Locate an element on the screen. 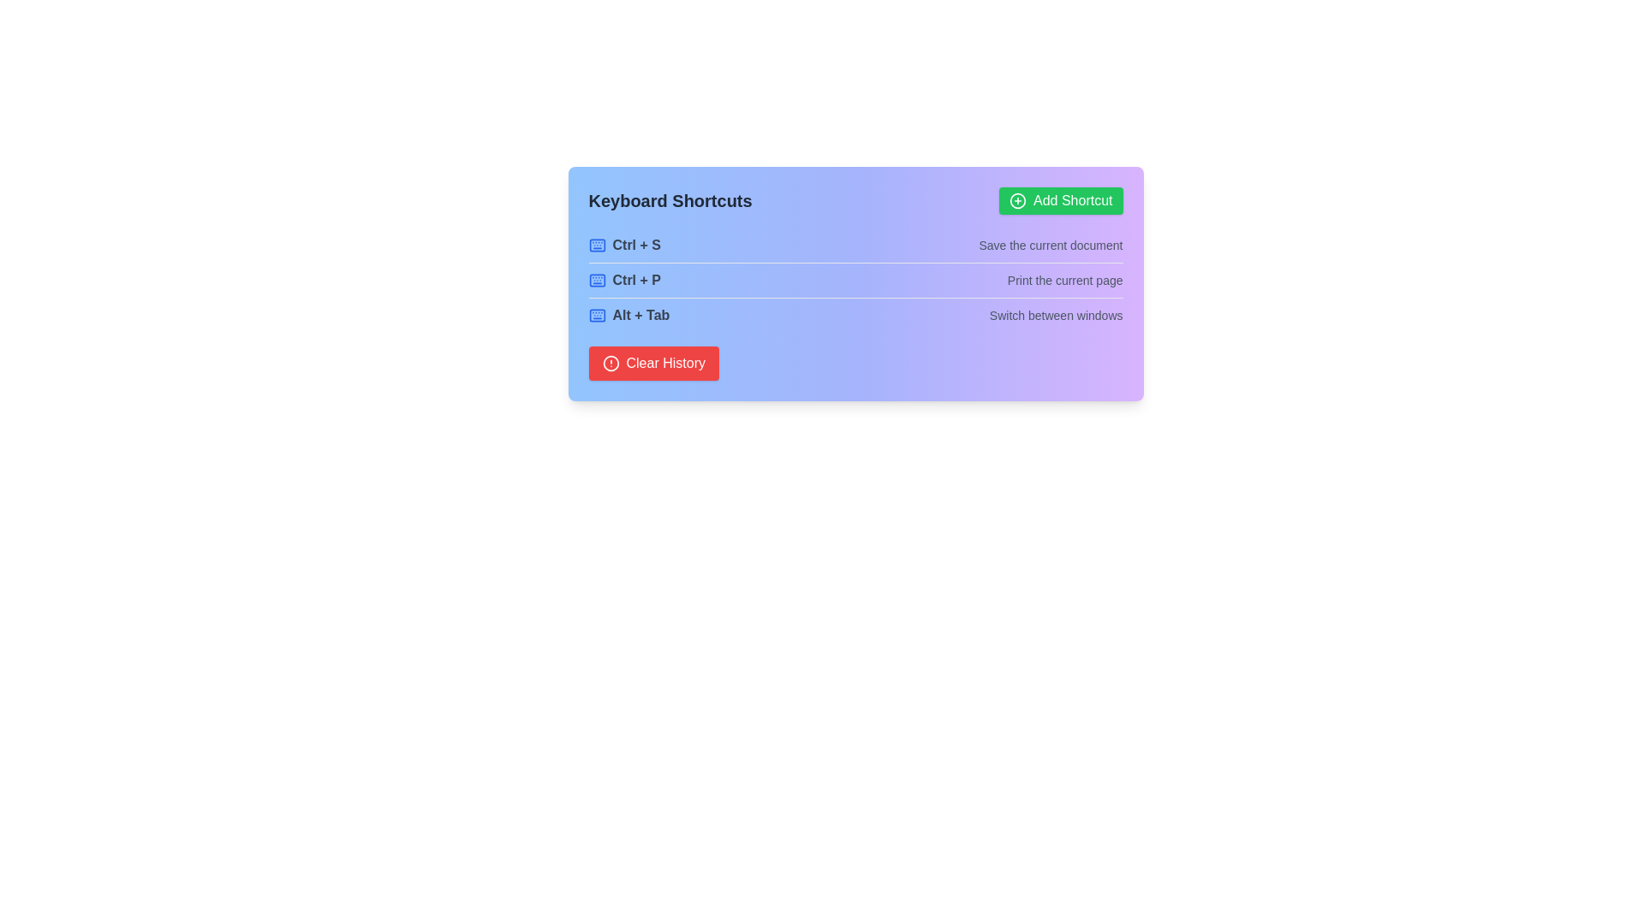  the keyboard icon with a modern design and blue tint, located to the left of the text 'Ctrl + S' is located at coordinates (597, 245).